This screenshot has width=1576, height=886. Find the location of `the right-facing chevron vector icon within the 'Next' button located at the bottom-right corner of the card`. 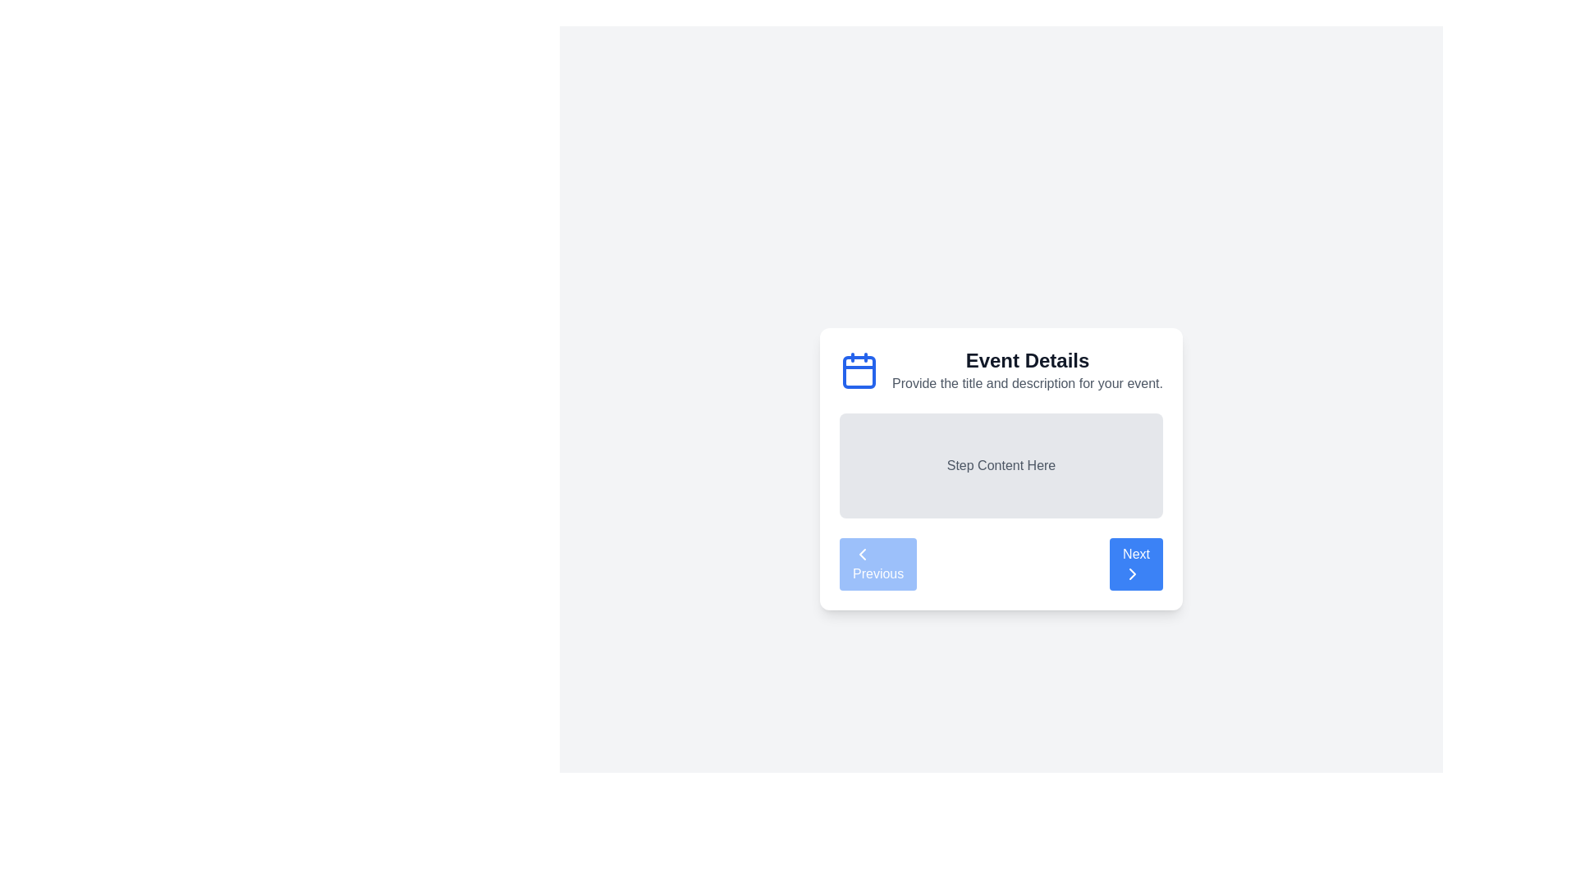

the right-facing chevron vector icon within the 'Next' button located at the bottom-right corner of the card is located at coordinates (1132, 573).